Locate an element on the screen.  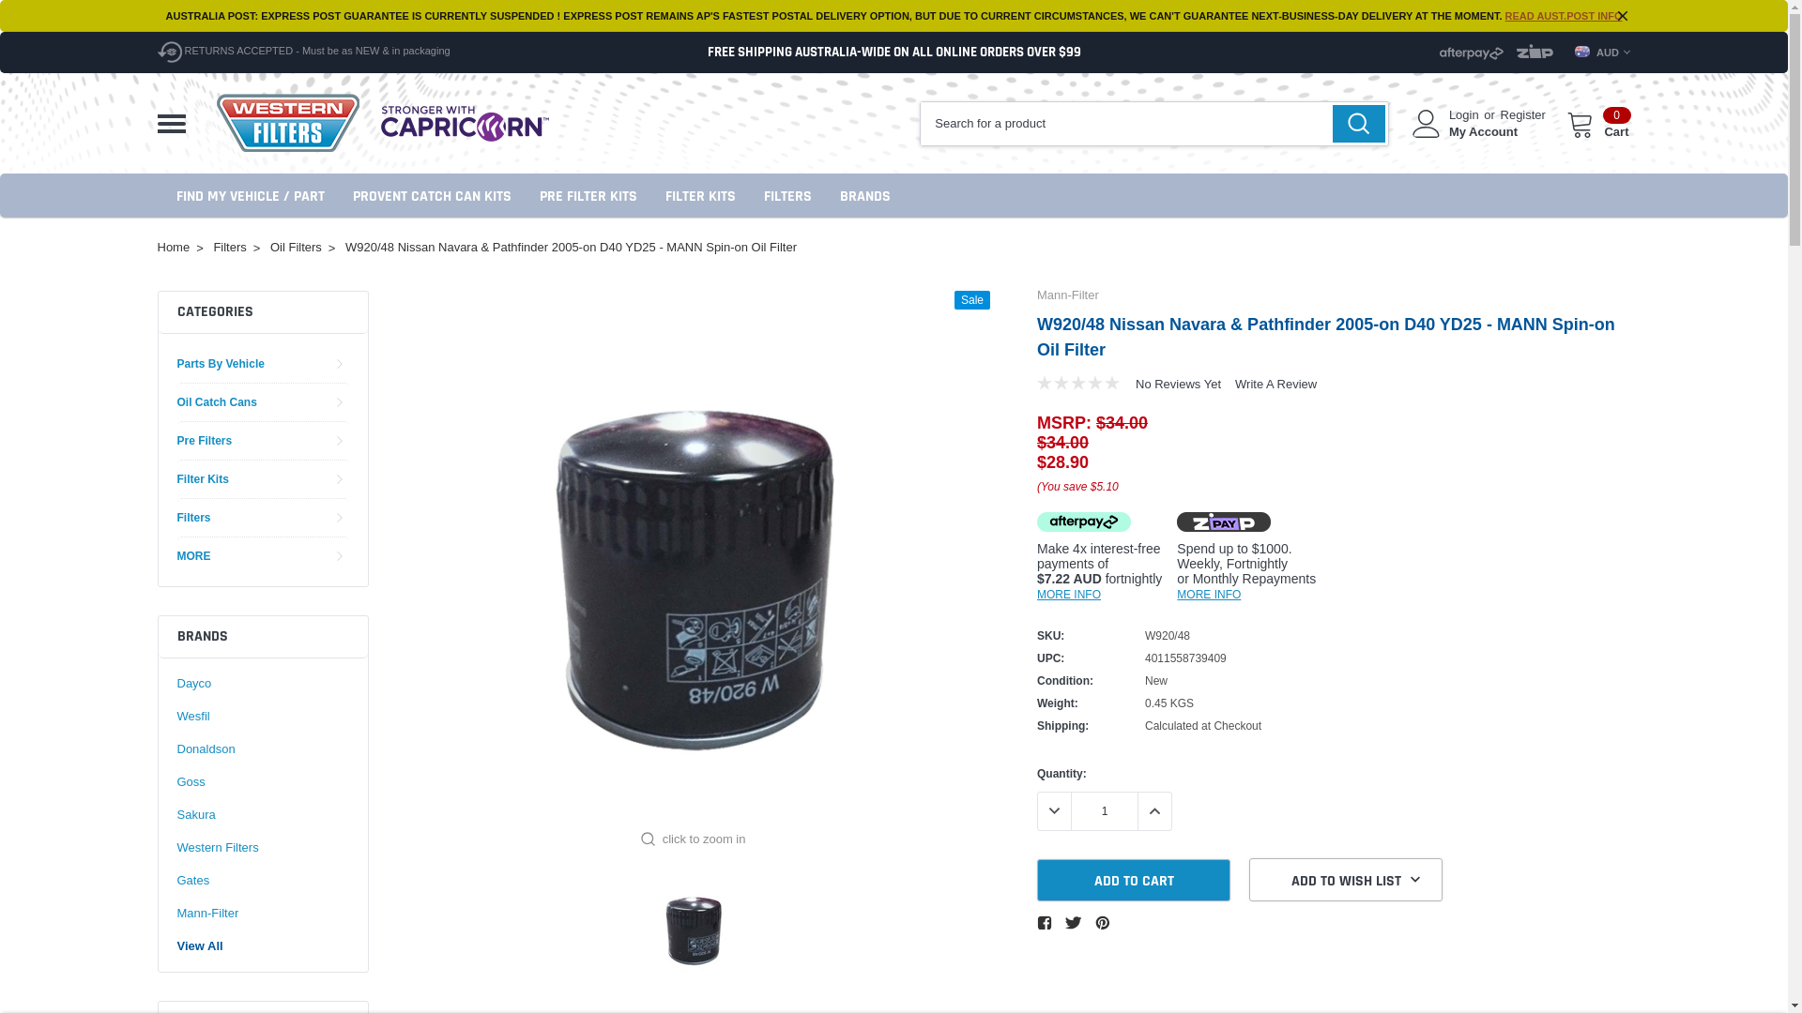
'Gates' is located at coordinates (192, 880).